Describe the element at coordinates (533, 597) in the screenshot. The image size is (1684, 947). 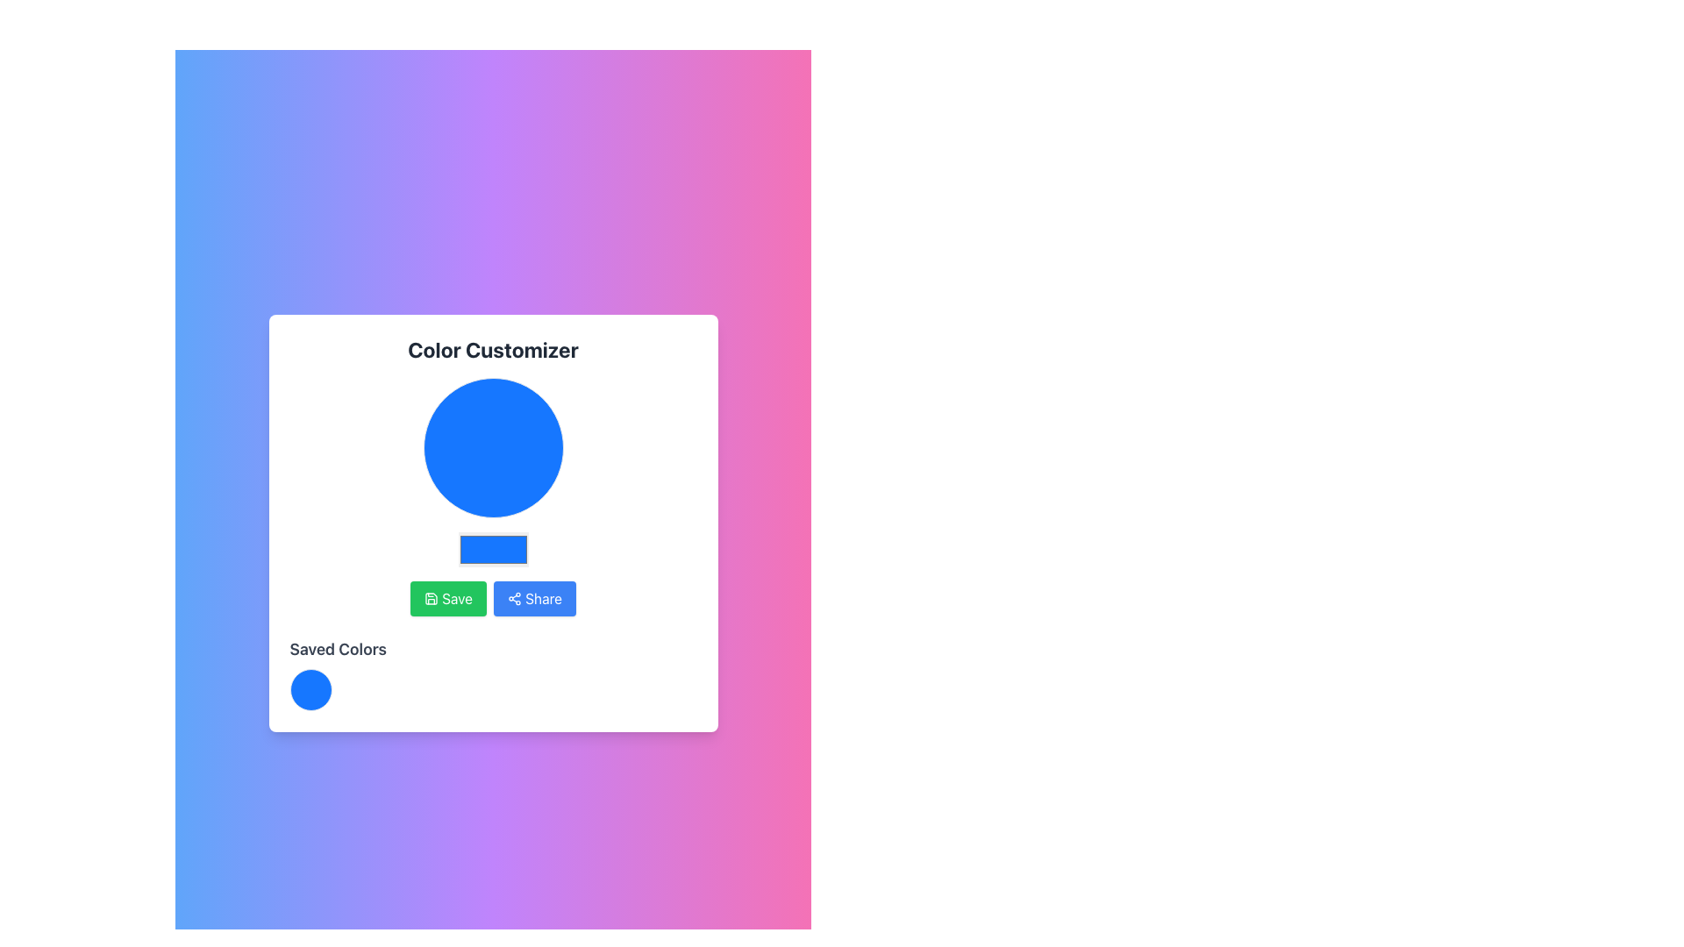
I see `the 'Share' button, which has a blue background and white text, located below the 'Color Customizer' title and adjacent to the 'Save' button` at that location.